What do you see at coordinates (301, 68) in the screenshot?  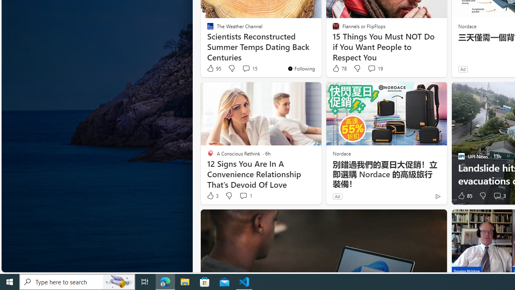 I see `'You'` at bounding box center [301, 68].